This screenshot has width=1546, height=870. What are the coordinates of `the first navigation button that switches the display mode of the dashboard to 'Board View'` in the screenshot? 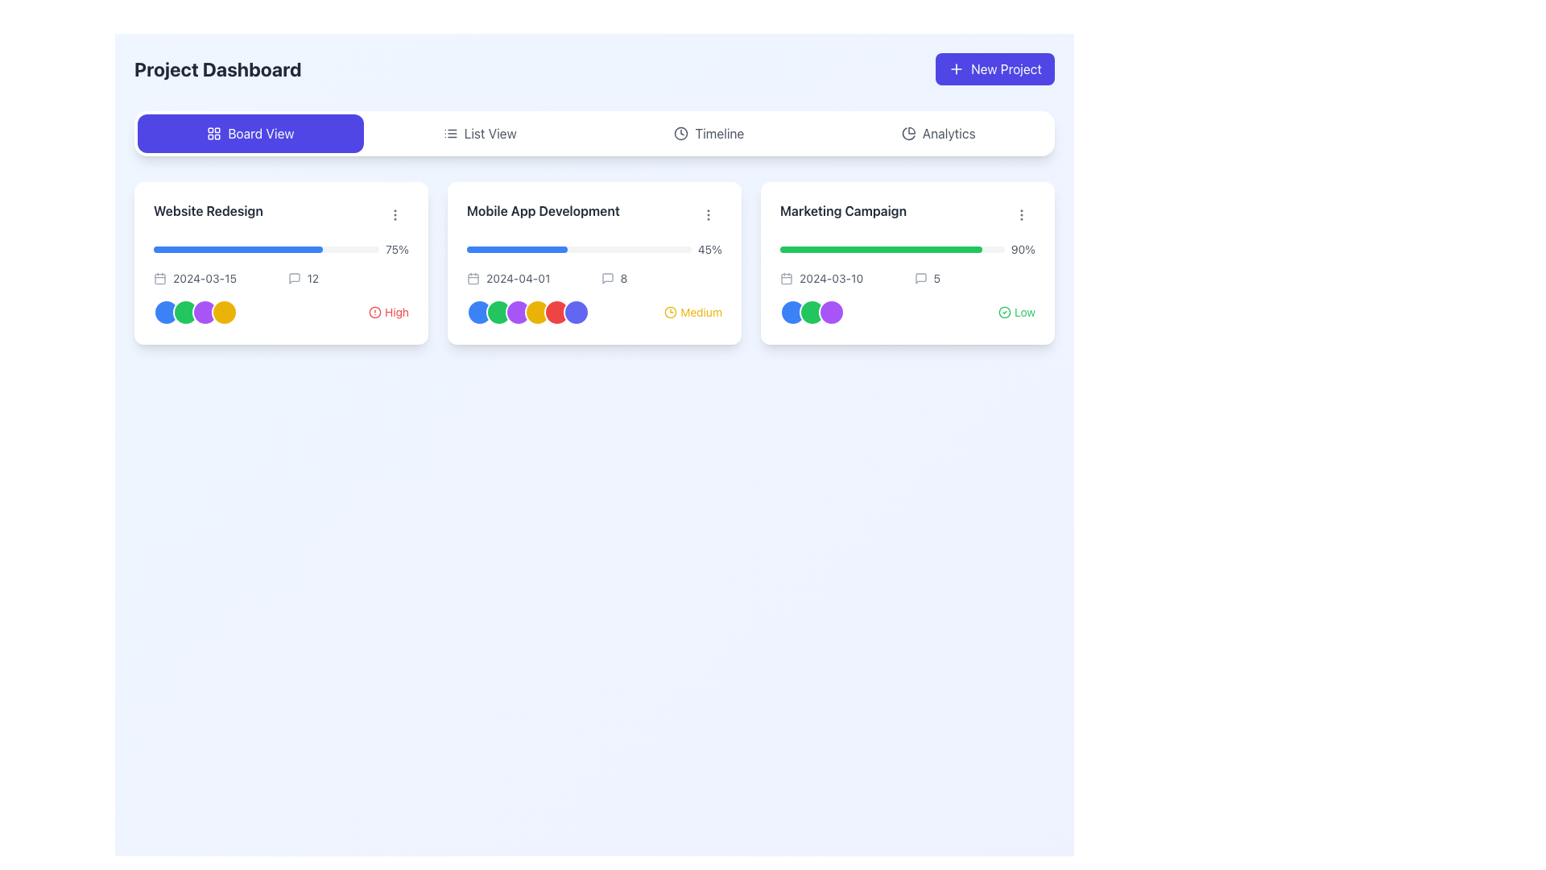 It's located at (250, 132).